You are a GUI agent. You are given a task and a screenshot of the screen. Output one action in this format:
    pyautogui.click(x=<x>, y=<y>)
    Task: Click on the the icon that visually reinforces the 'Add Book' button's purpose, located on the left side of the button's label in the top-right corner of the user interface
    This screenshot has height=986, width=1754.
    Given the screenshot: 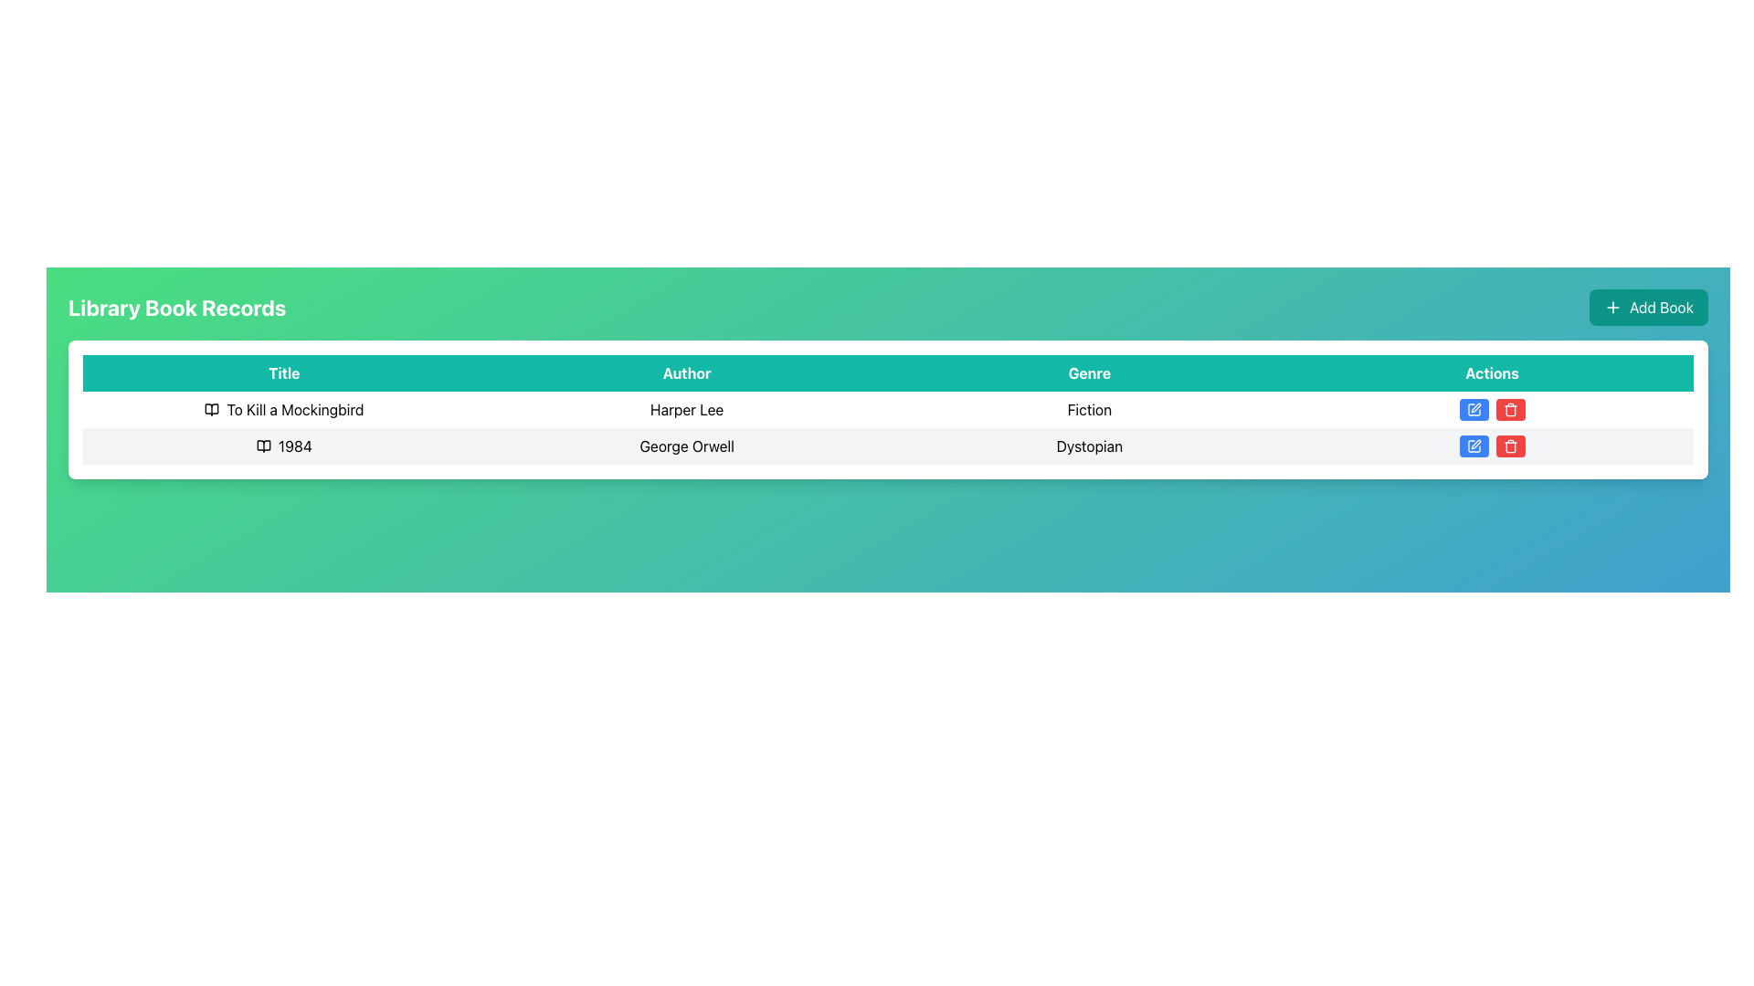 What is the action you would take?
    pyautogui.click(x=1613, y=306)
    